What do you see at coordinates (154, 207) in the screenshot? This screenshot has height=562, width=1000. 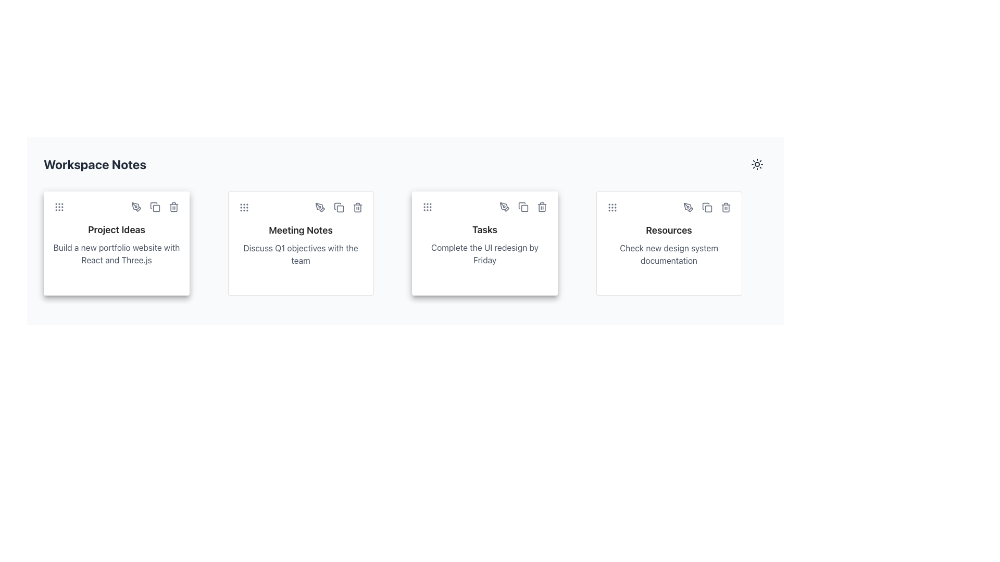 I see `the icon button located in the upper right of the 'Project Ideas' card to copy the content or title` at bounding box center [154, 207].